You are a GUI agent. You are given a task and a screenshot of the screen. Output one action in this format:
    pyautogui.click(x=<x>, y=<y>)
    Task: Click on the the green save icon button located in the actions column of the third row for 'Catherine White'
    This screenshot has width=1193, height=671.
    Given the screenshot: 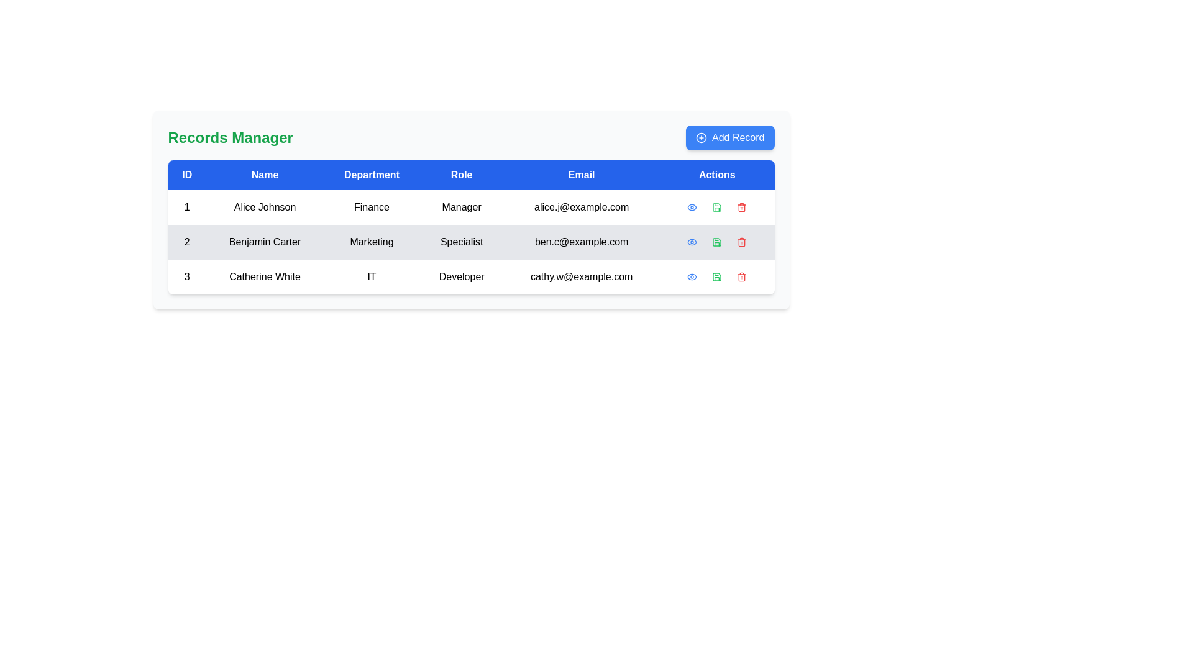 What is the action you would take?
    pyautogui.click(x=717, y=276)
    